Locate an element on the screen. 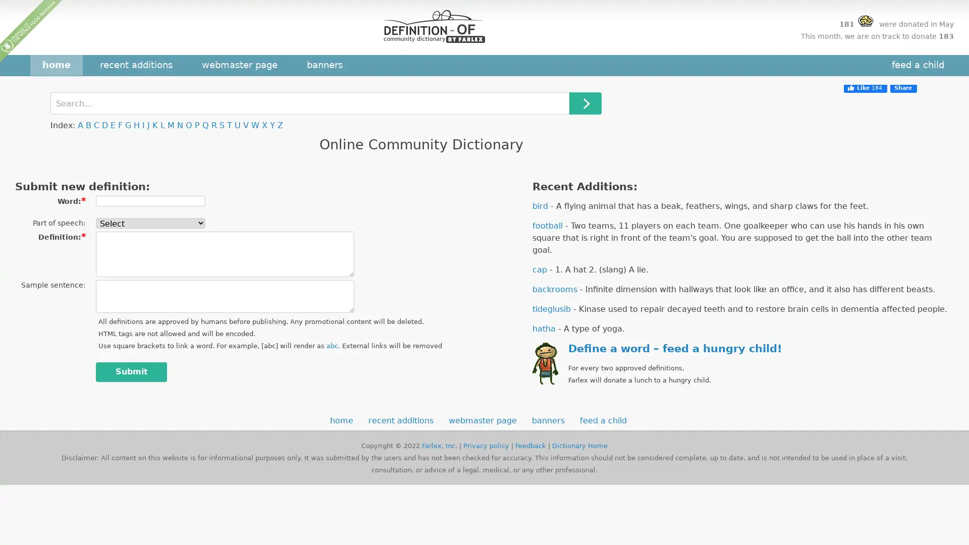 This screenshot has height=545, width=969. Search is located at coordinates (585, 103).